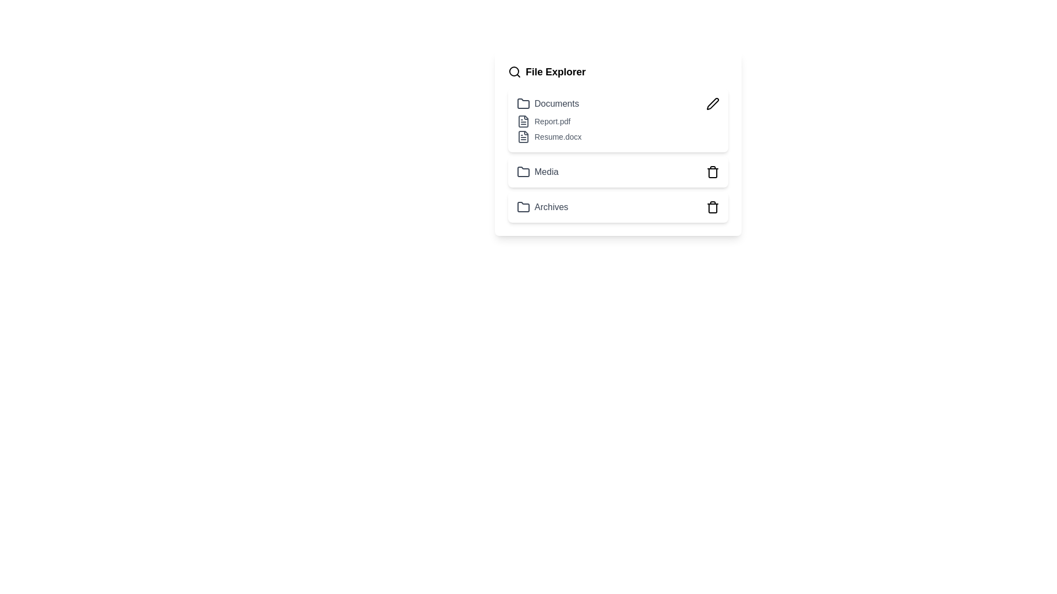 The width and height of the screenshot is (1057, 594). Describe the element at coordinates (514, 71) in the screenshot. I see `the circular part of the search-like SVG icon located in the top left corner of the 'File Explorer' section` at that location.